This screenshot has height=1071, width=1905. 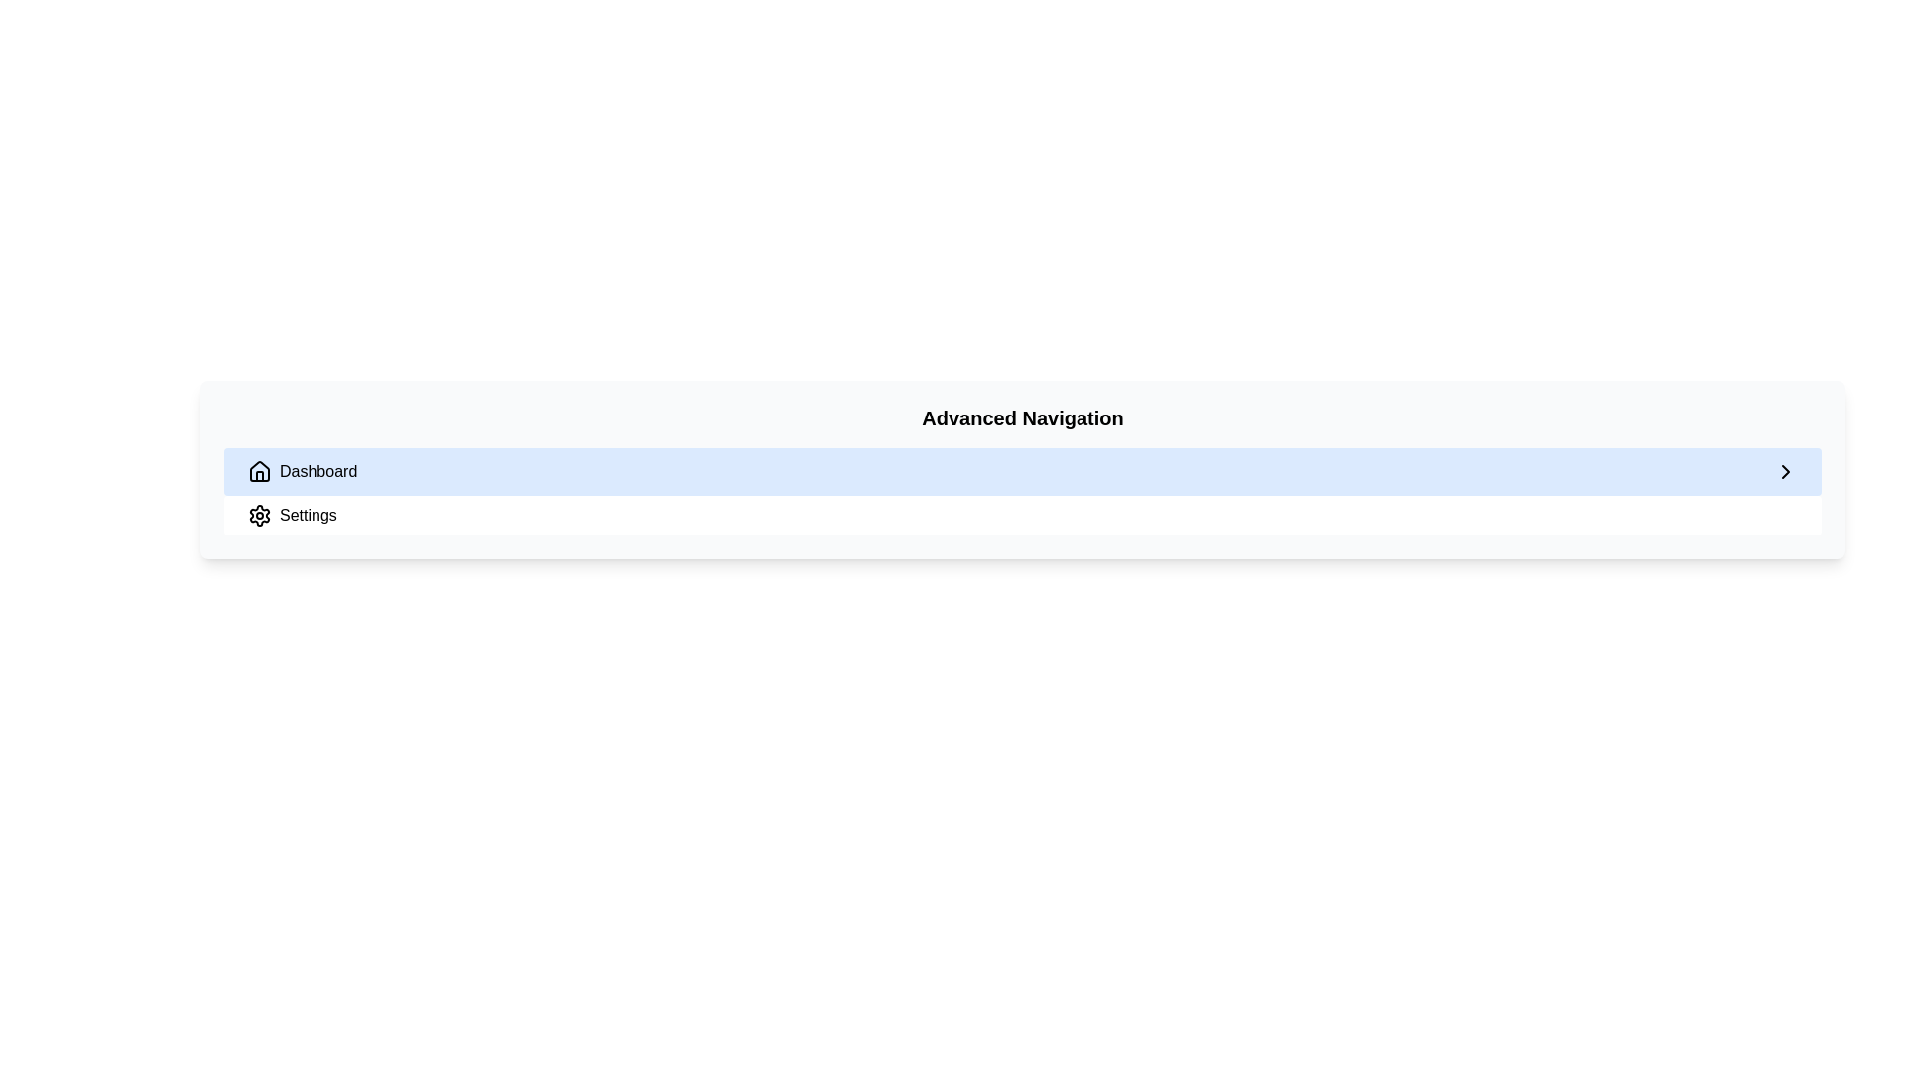 I want to click on the house icon located to the left of the 'Dashboard' label in the navigation list, so click(x=259, y=470).